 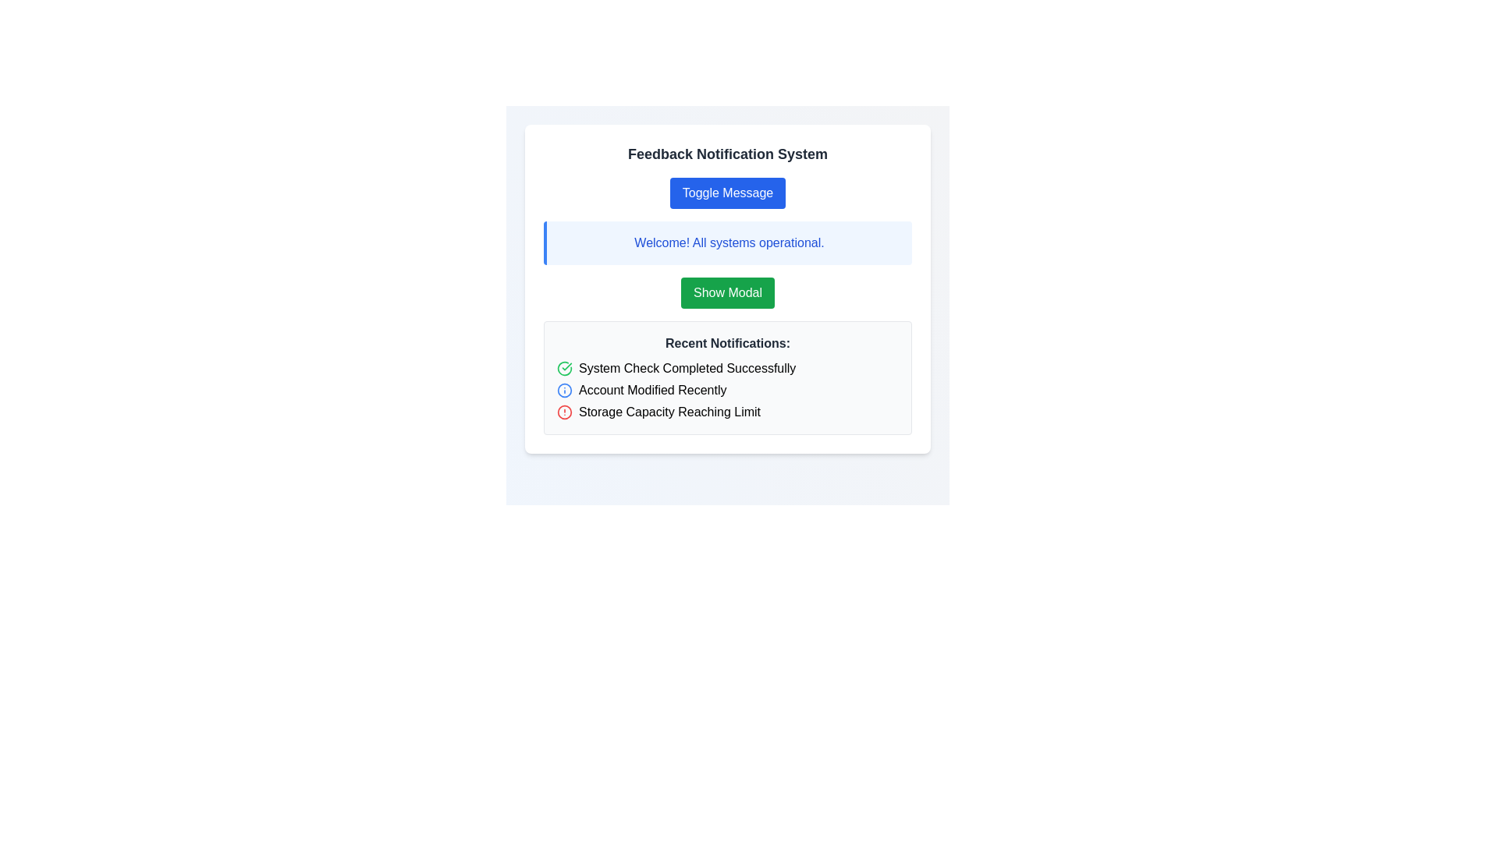 What do you see at coordinates (726, 369) in the screenshot?
I see `the notification indicating 'System Check Completed Successfully' by clicking on the green check icon in the notification list` at bounding box center [726, 369].